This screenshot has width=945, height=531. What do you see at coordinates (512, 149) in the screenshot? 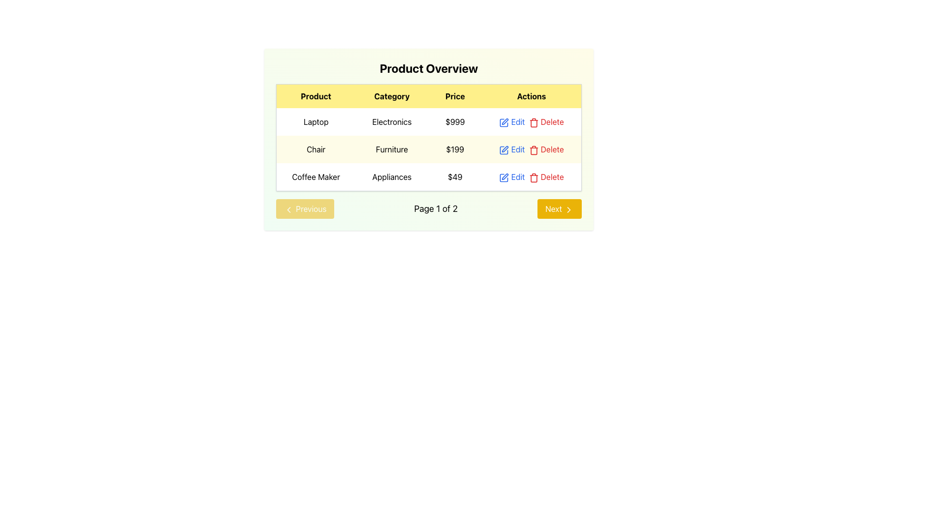
I see `the 'Edit' button, which is styled with blue text and an underline effect when hovered, positioned under the 'Actions' column in the 'Chair' row, to initiate editing` at bounding box center [512, 149].